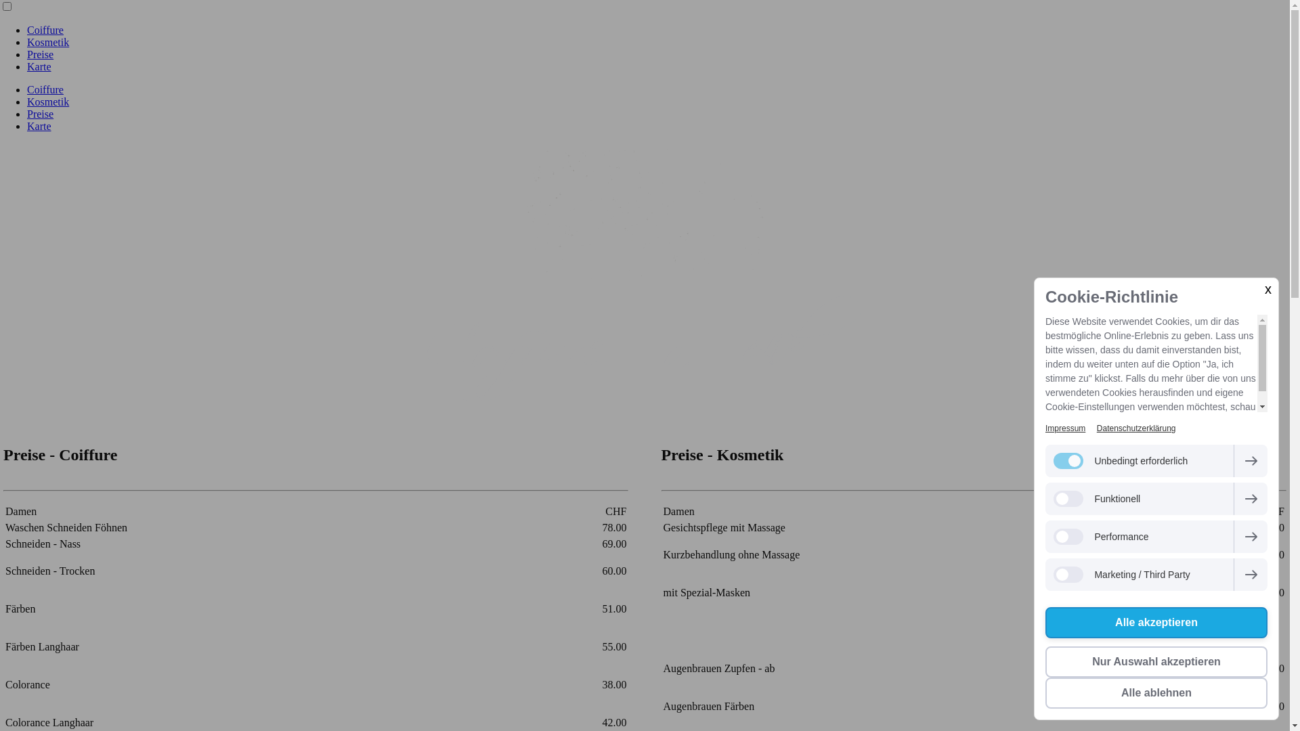  What do you see at coordinates (39, 126) in the screenshot?
I see `'Karte'` at bounding box center [39, 126].